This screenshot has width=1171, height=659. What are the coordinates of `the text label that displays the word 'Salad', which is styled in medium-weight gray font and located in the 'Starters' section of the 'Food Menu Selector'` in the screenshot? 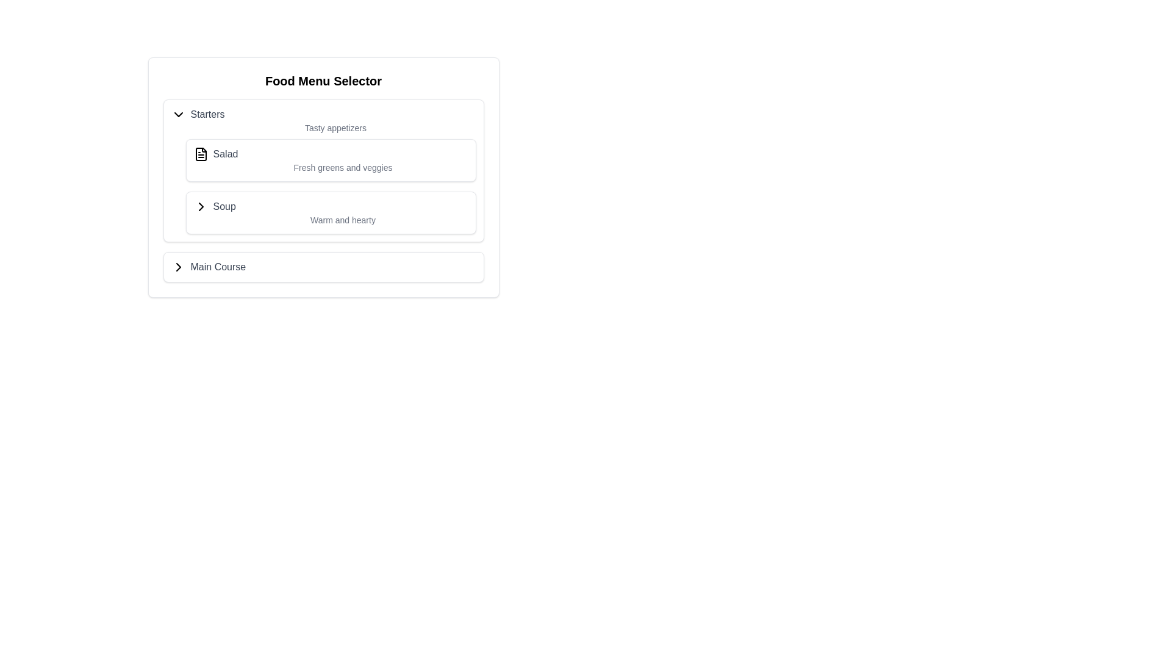 It's located at (225, 154).